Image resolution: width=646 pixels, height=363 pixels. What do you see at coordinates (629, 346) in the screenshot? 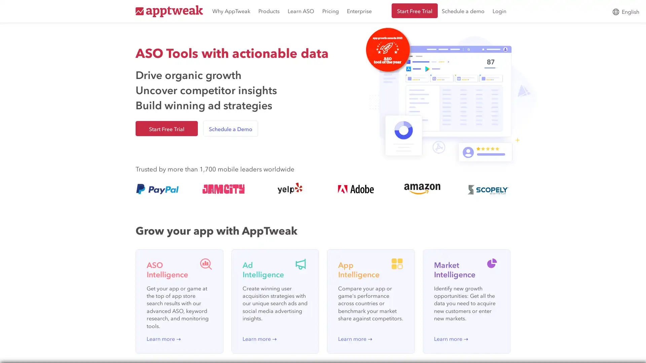
I see `Open Intercom Messenger` at bounding box center [629, 346].